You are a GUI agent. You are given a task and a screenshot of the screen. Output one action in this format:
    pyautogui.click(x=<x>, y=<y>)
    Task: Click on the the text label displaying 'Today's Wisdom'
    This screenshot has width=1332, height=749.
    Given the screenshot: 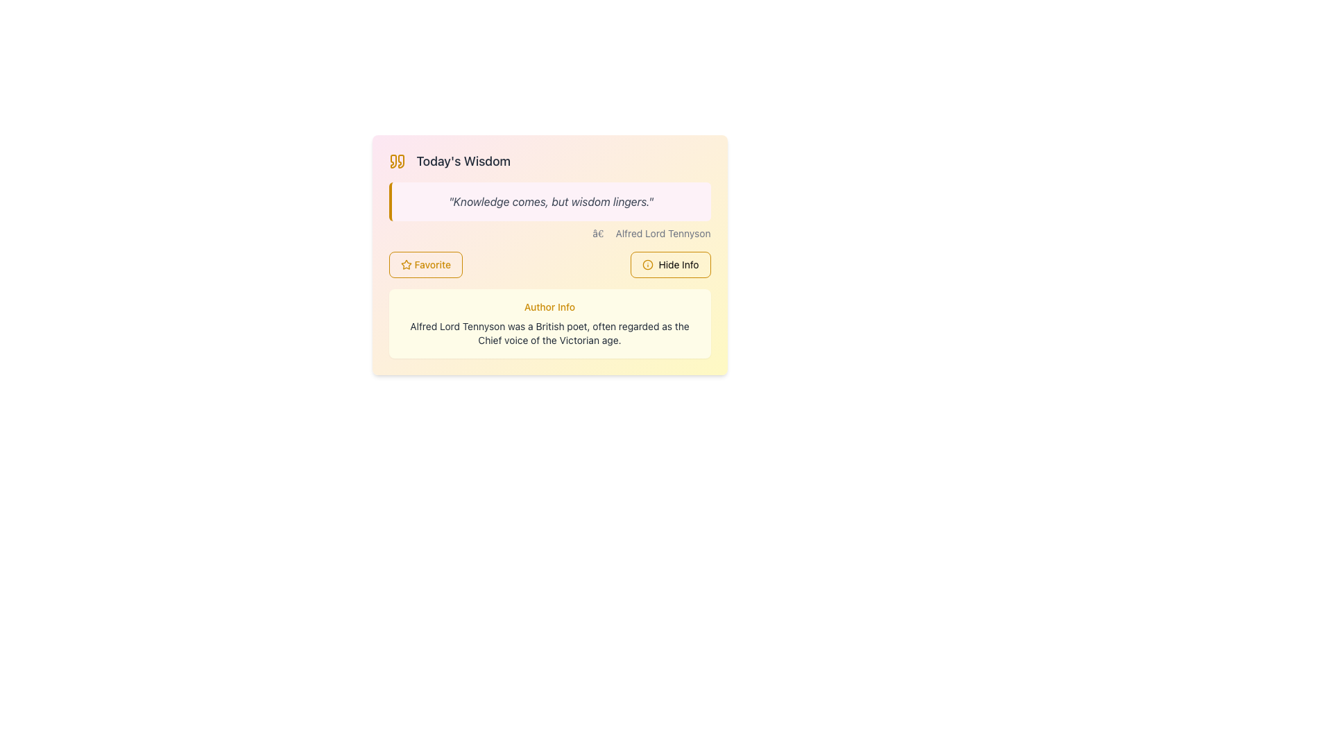 What is the action you would take?
    pyautogui.click(x=463, y=160)
    